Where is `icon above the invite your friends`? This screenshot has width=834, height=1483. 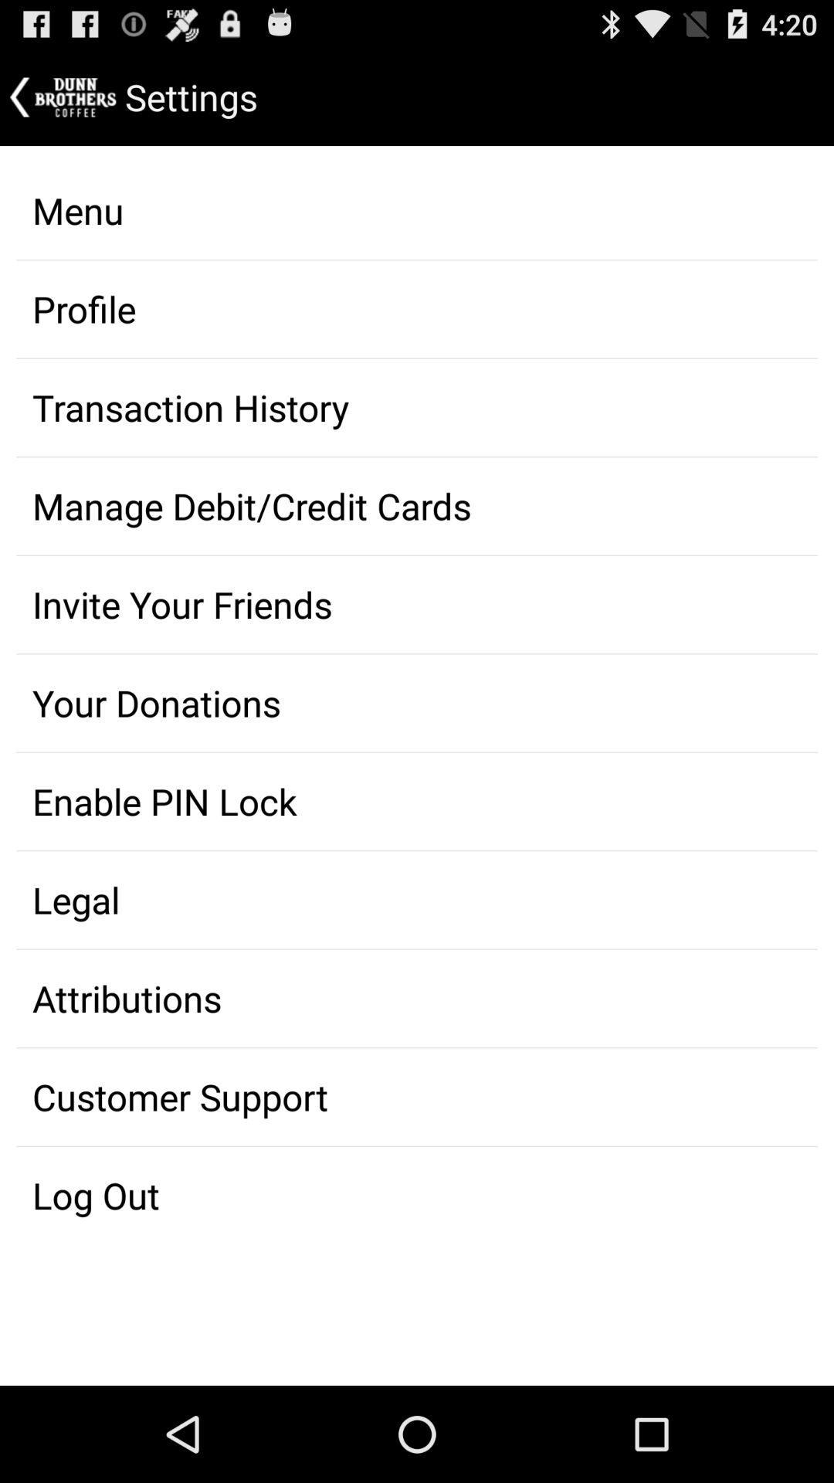
icon above the invite your friends is located at coordinates (417, 506).